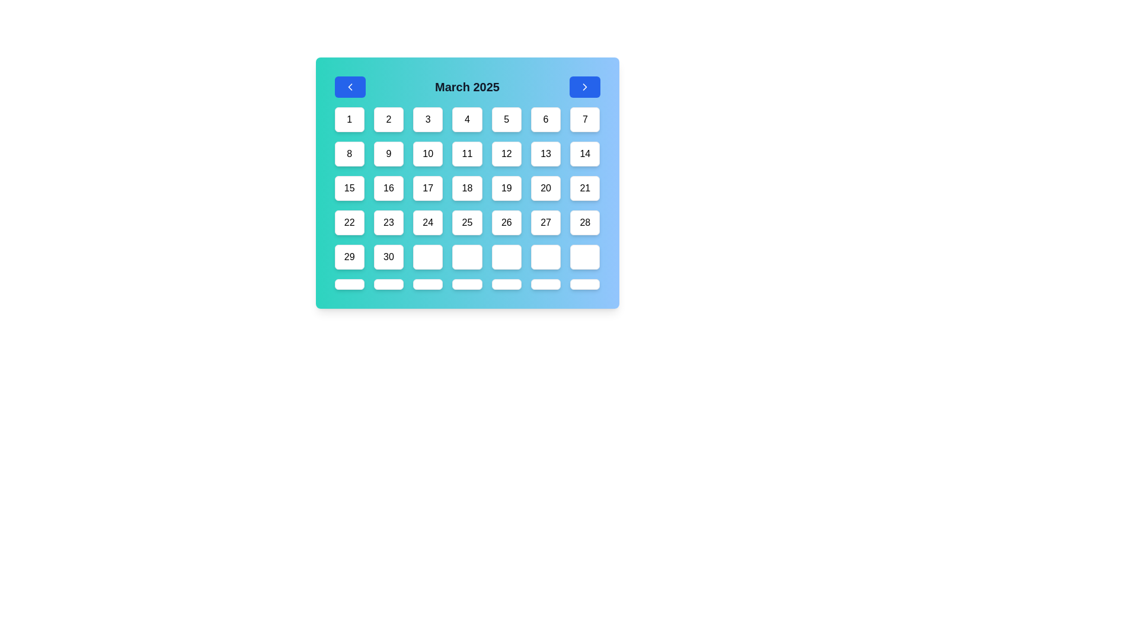 Image resolution: width=1138 pixels, height=640 pixels. What do you see at coordinates (545, 187) in the screenshot?
I see `to select the 20th day of March 2025 in the calendar interface` at bounding box center [545, 187].